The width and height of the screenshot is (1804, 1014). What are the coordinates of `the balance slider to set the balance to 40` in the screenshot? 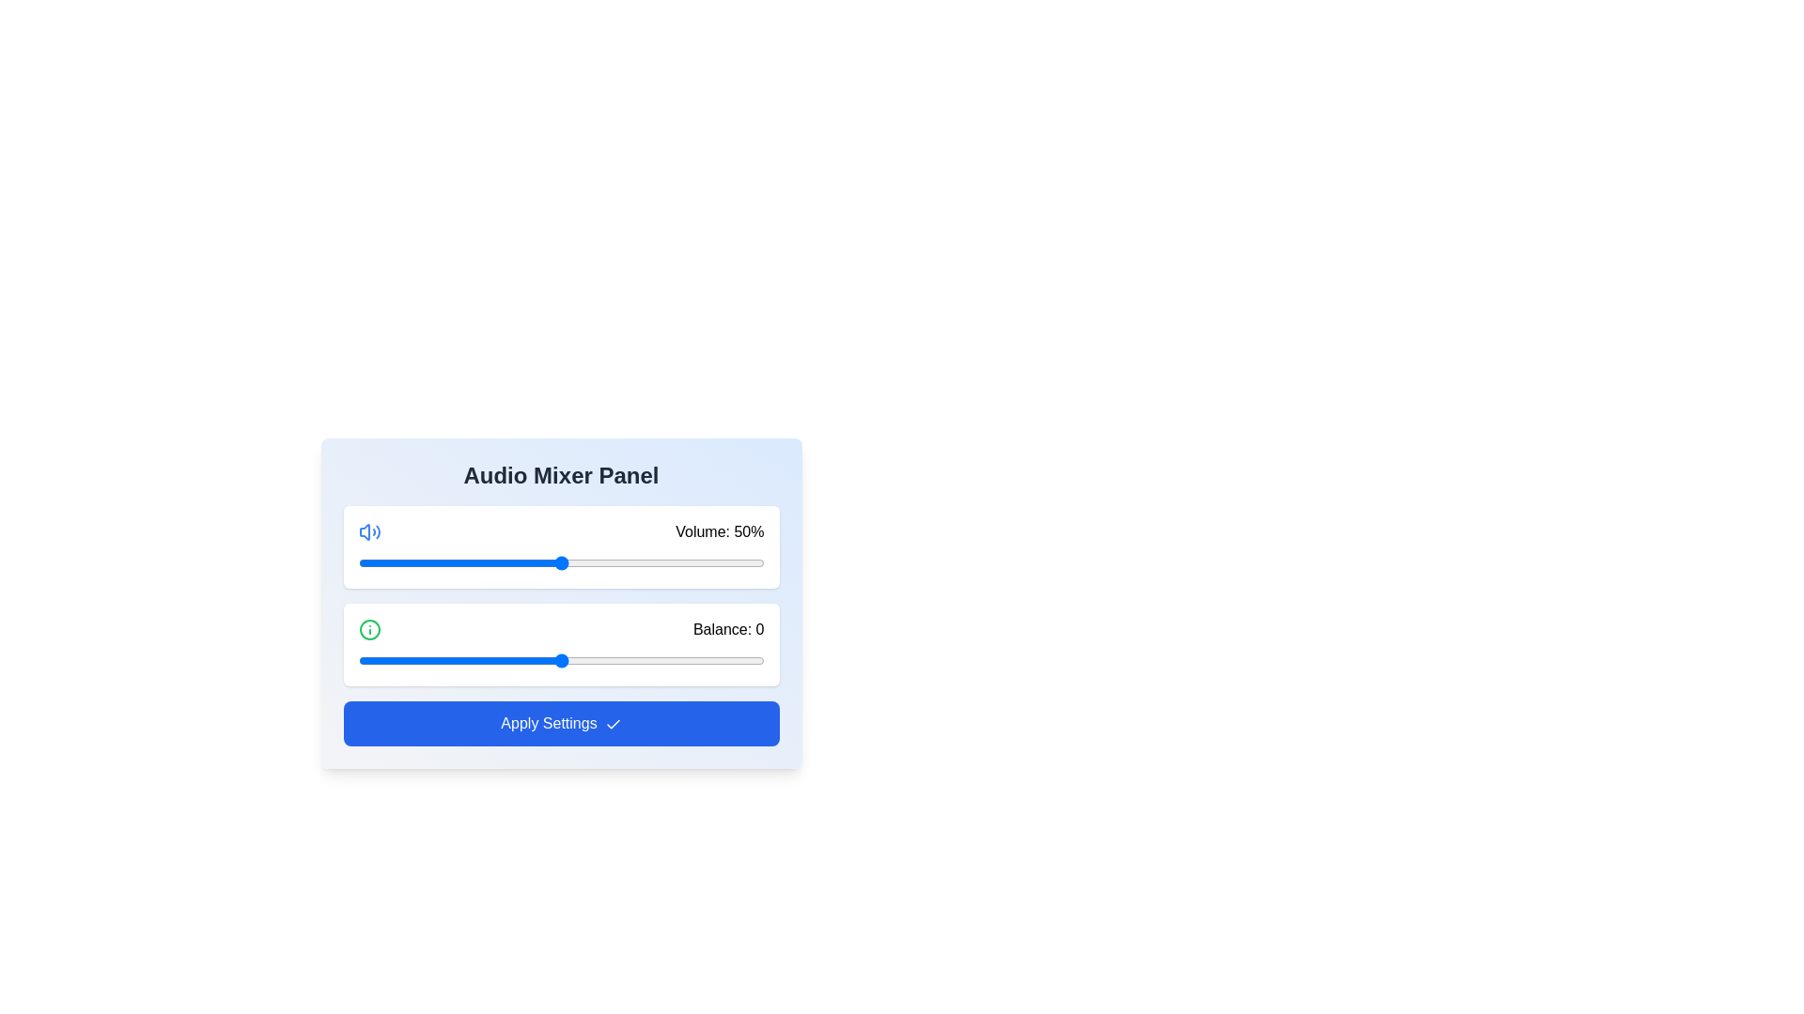 It's located at (723, 660).